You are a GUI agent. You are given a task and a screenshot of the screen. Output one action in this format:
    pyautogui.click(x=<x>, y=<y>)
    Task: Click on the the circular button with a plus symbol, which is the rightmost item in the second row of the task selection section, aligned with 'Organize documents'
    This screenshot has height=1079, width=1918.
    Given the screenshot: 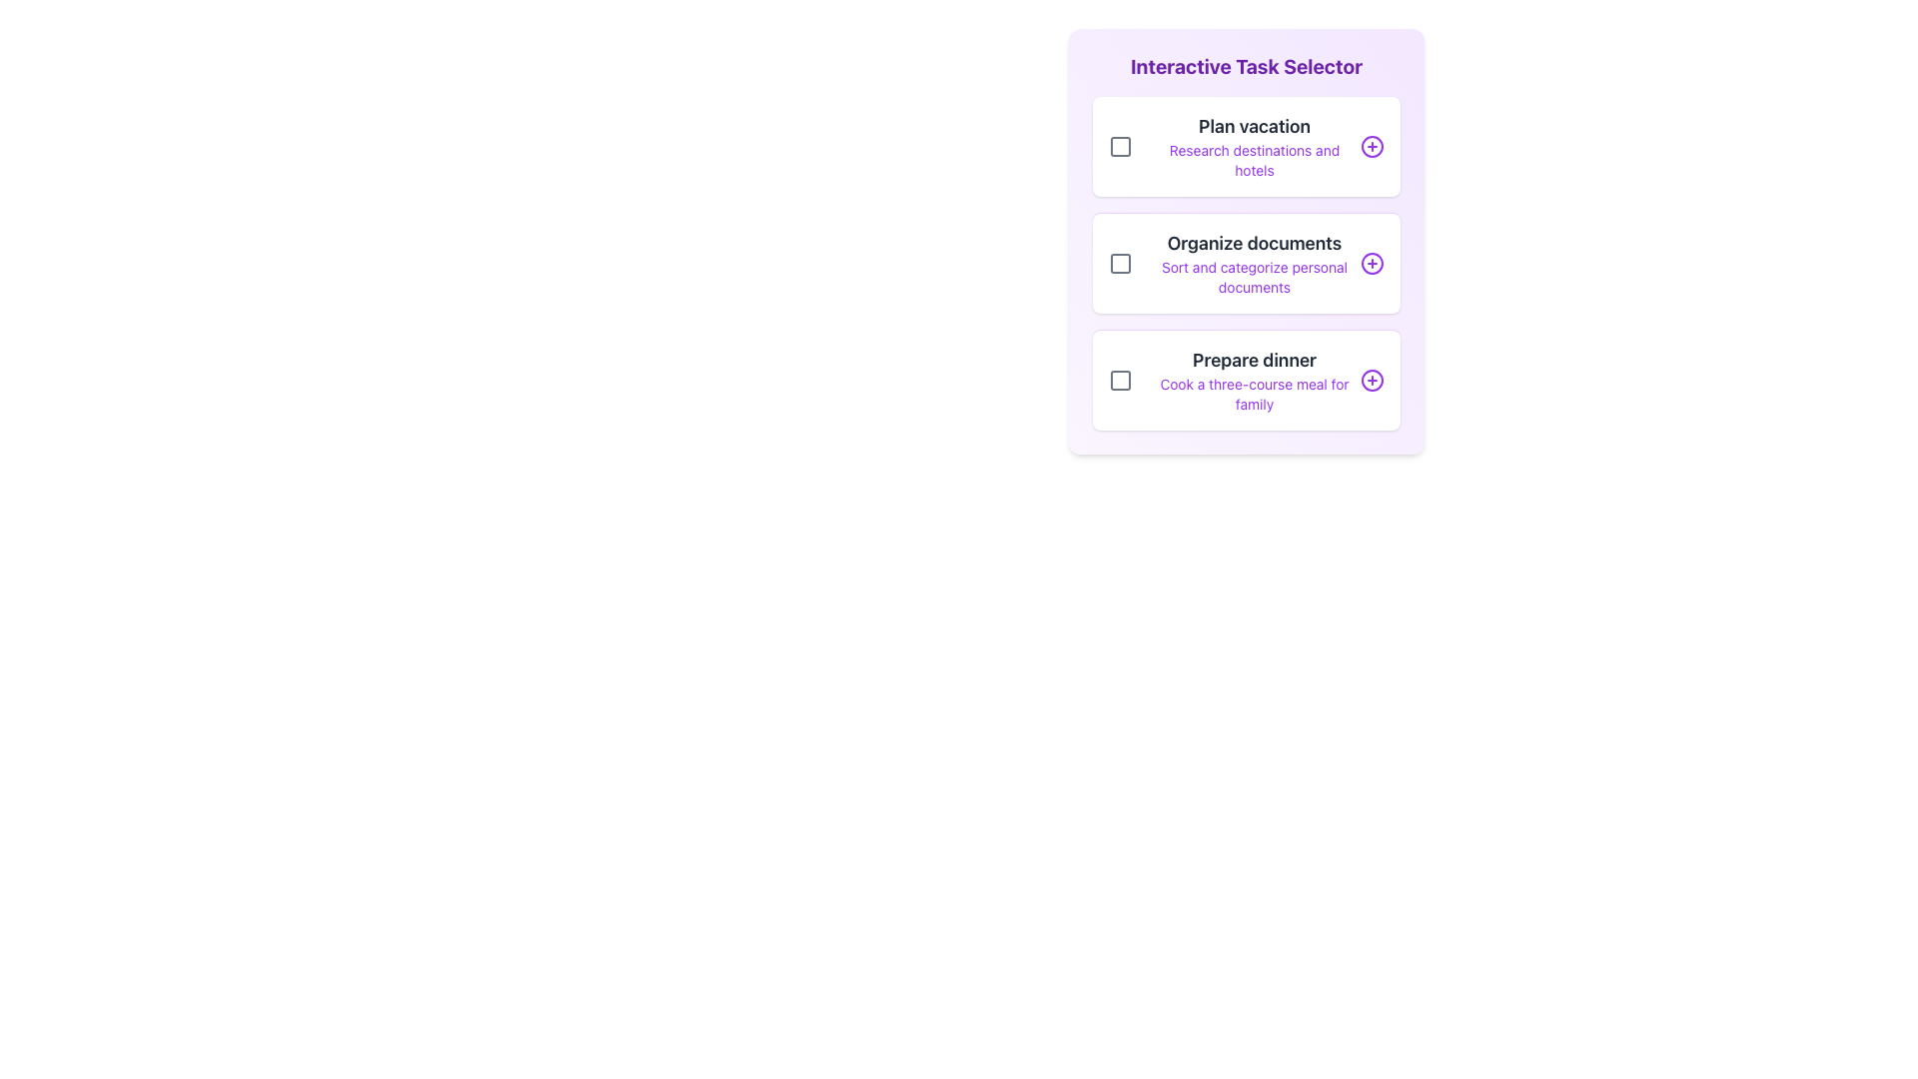 What is the action you would take?
    pyautogui.click(x=1371, y=262)
    